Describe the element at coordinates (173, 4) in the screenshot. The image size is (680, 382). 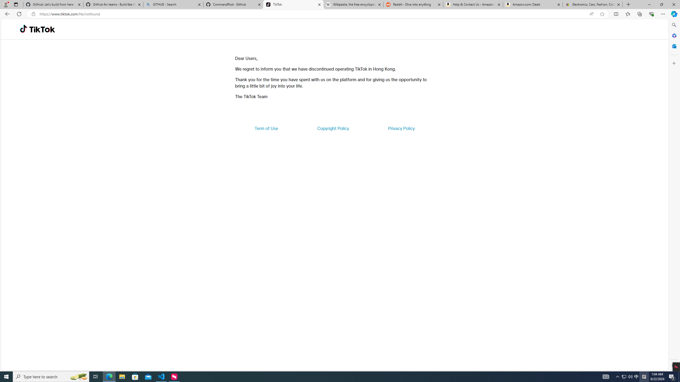
I see `'GITHUB - Search'` at that location.